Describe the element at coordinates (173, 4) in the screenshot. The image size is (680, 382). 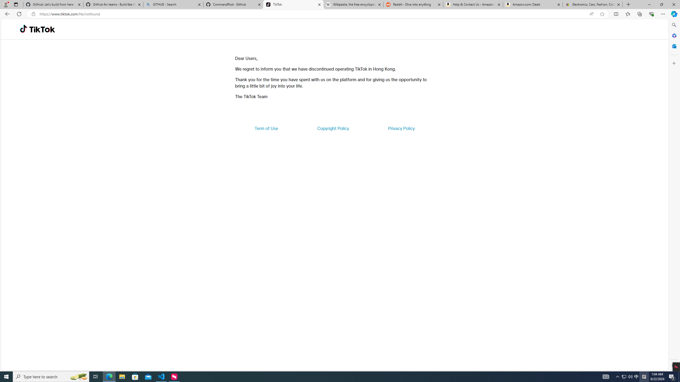
I see `'GITHUB - Search'` at that location.